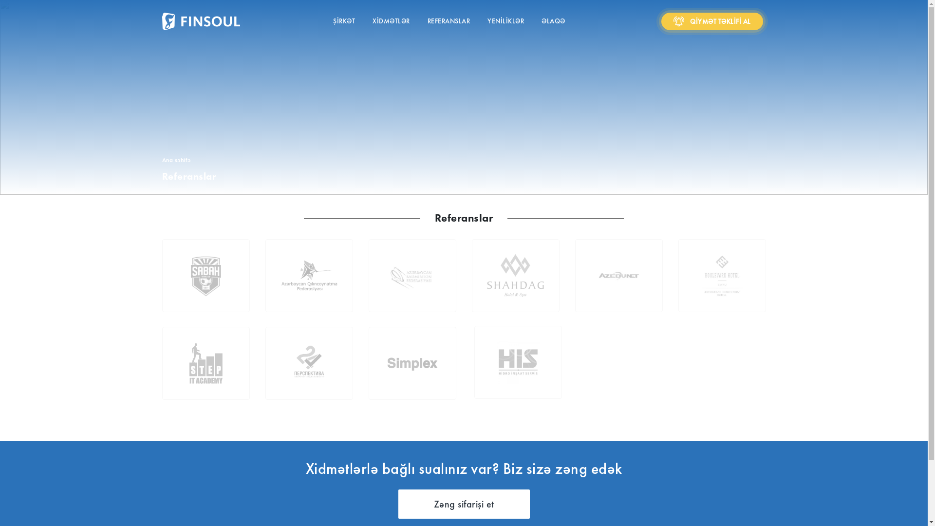 This screenshot has height=526, width=935. I want to click on 'REFERANSLAR', so click(448, 21).